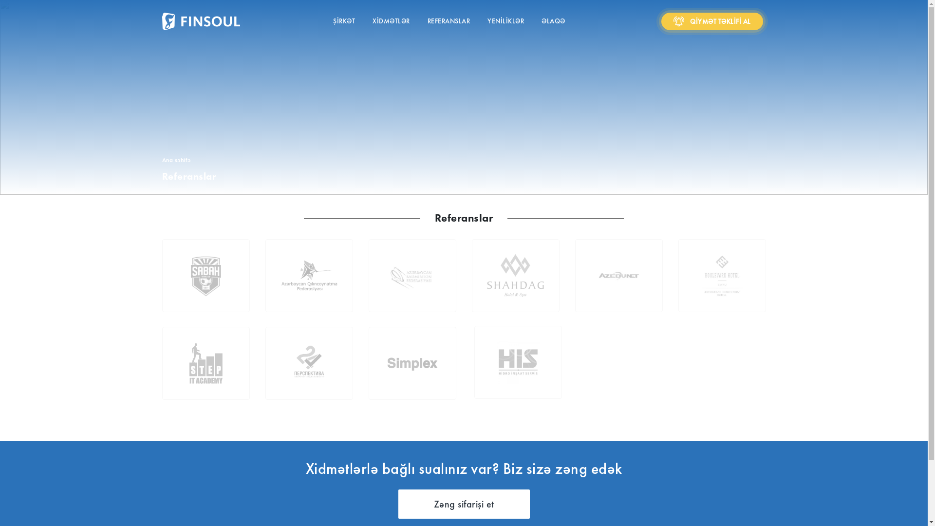 This screenshot has height=526, width=935. I want to click on 'REFERANSLAR', so click(448, 21).